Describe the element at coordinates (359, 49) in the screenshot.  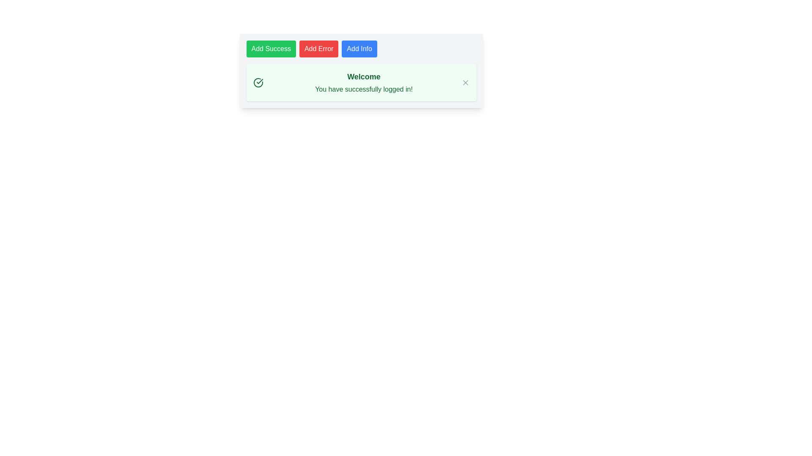
I see `the 'Add Info' button, which is a rounded rectangular button filled with a blue background and labeled with white text, located near the top center of the layout` at that location.